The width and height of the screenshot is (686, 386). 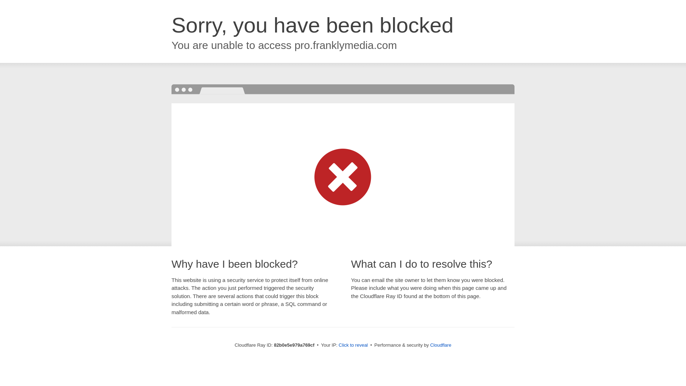 What do you see at coordinates (353, 345) in the screenshot?
I see `'Click to reveal'` at bounding box center [353, 345].